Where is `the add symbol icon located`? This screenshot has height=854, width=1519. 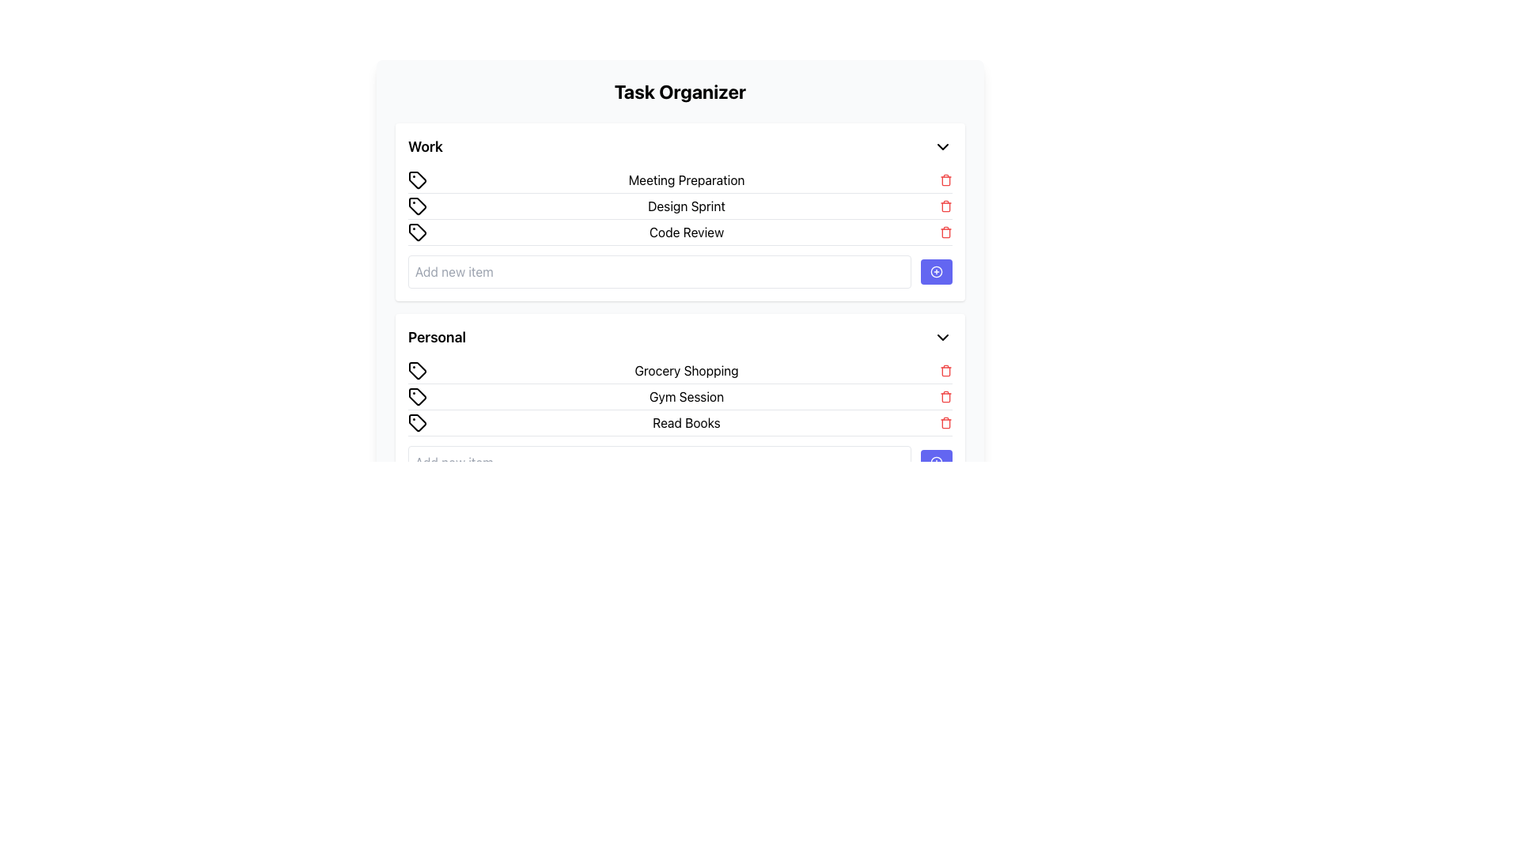
the add symbol icon located is located at coordinates (937, 463).